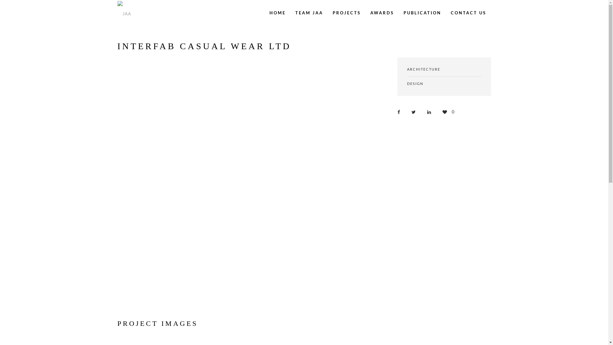 Image resolution: width=613 pixels, height=345 pixels. What do you see at coordinates (346, 12) in the screenshot?
I see `'PROJECTS'` at bounding box center [346, 12].